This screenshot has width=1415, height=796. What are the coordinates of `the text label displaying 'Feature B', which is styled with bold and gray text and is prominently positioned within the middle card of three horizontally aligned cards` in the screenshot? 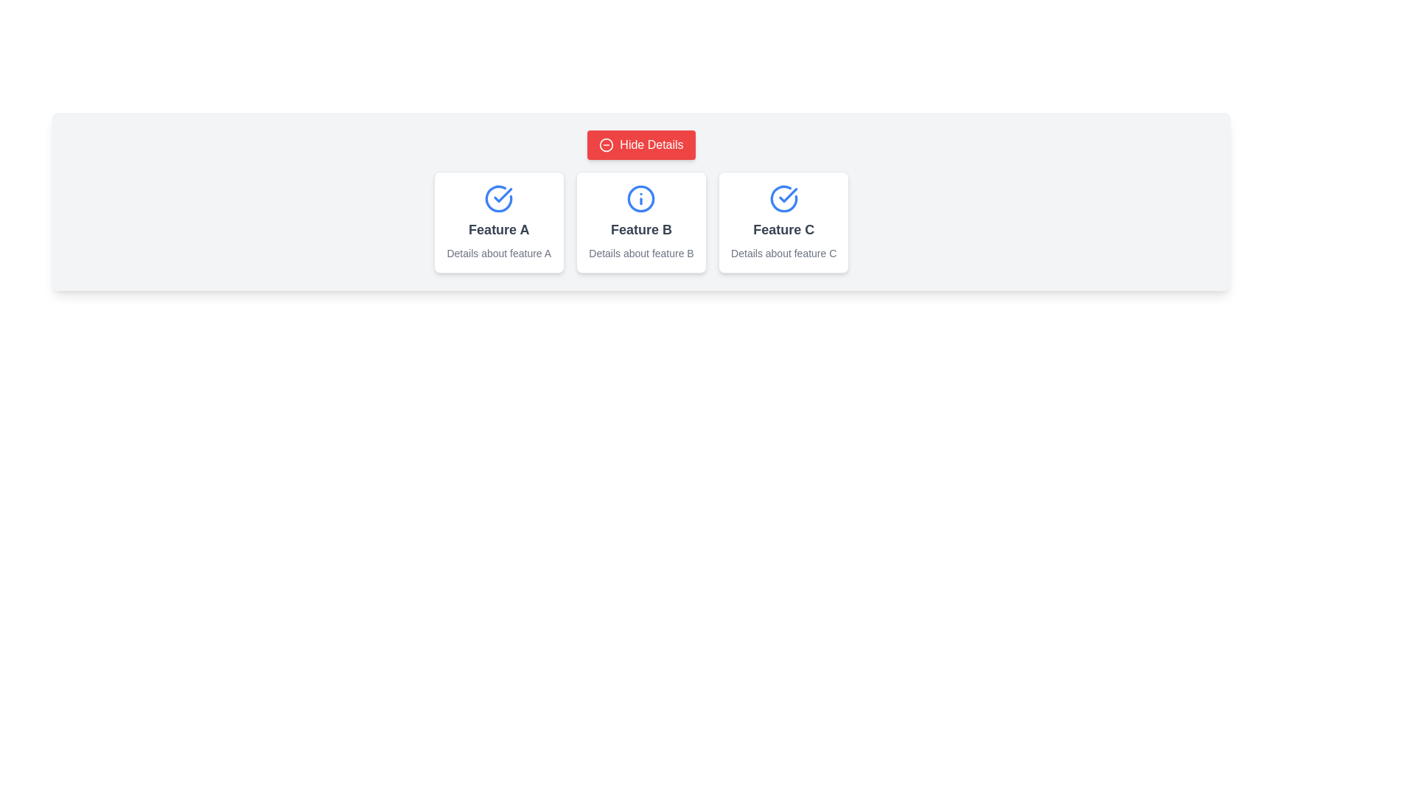 It's located at (641, 230).